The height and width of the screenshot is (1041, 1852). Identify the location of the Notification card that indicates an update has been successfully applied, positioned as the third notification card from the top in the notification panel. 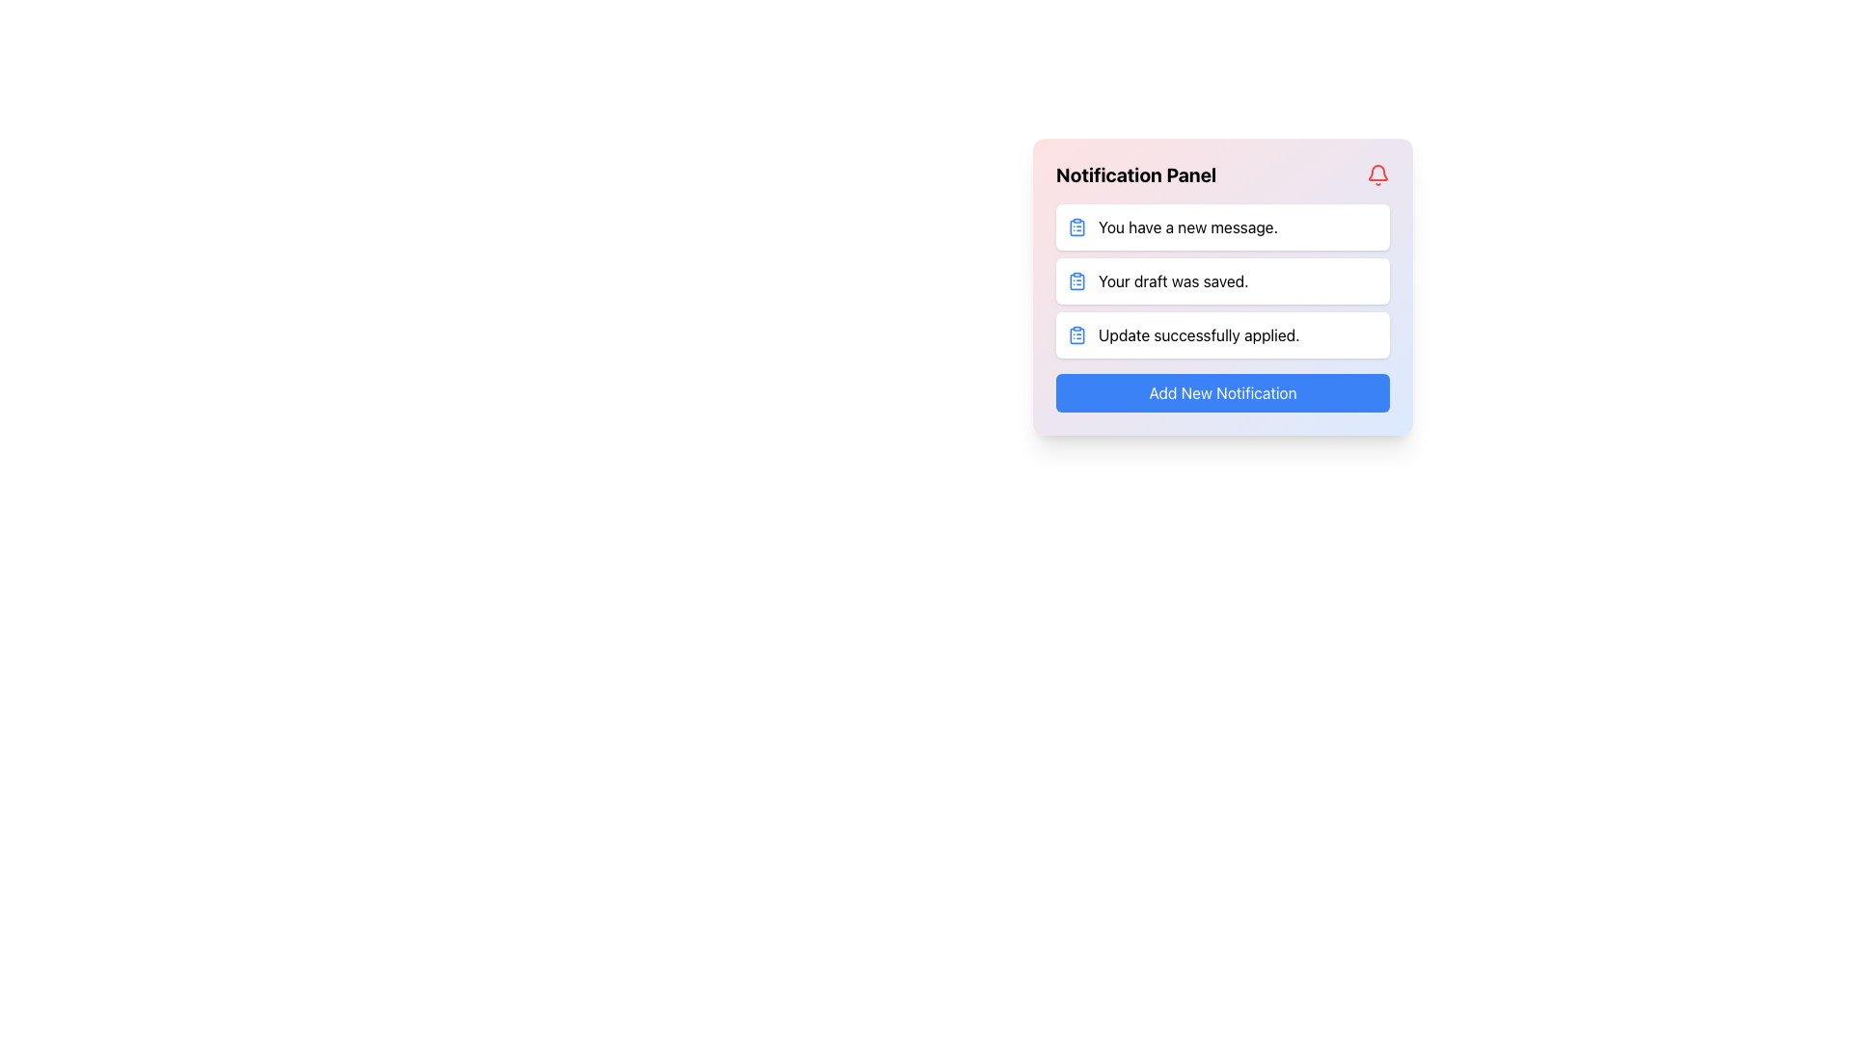
(1221, 334).